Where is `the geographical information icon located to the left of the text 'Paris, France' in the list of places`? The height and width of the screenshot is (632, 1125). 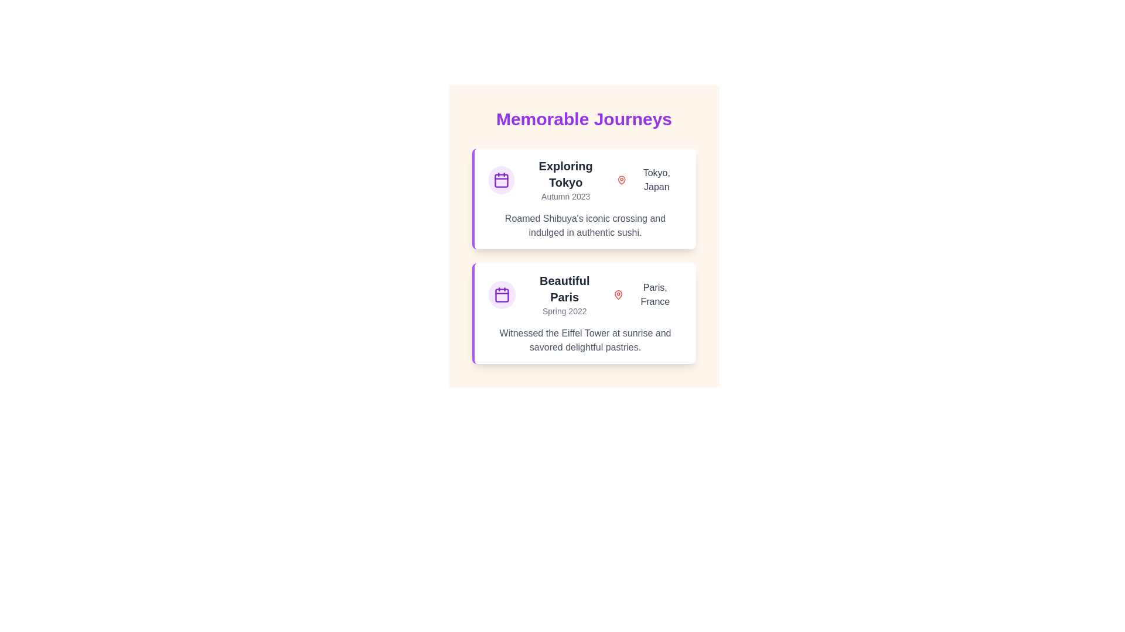
the geographical information icon located to the left of the text 'Paris, France' in the list of places is located at coordinates (618, 294).